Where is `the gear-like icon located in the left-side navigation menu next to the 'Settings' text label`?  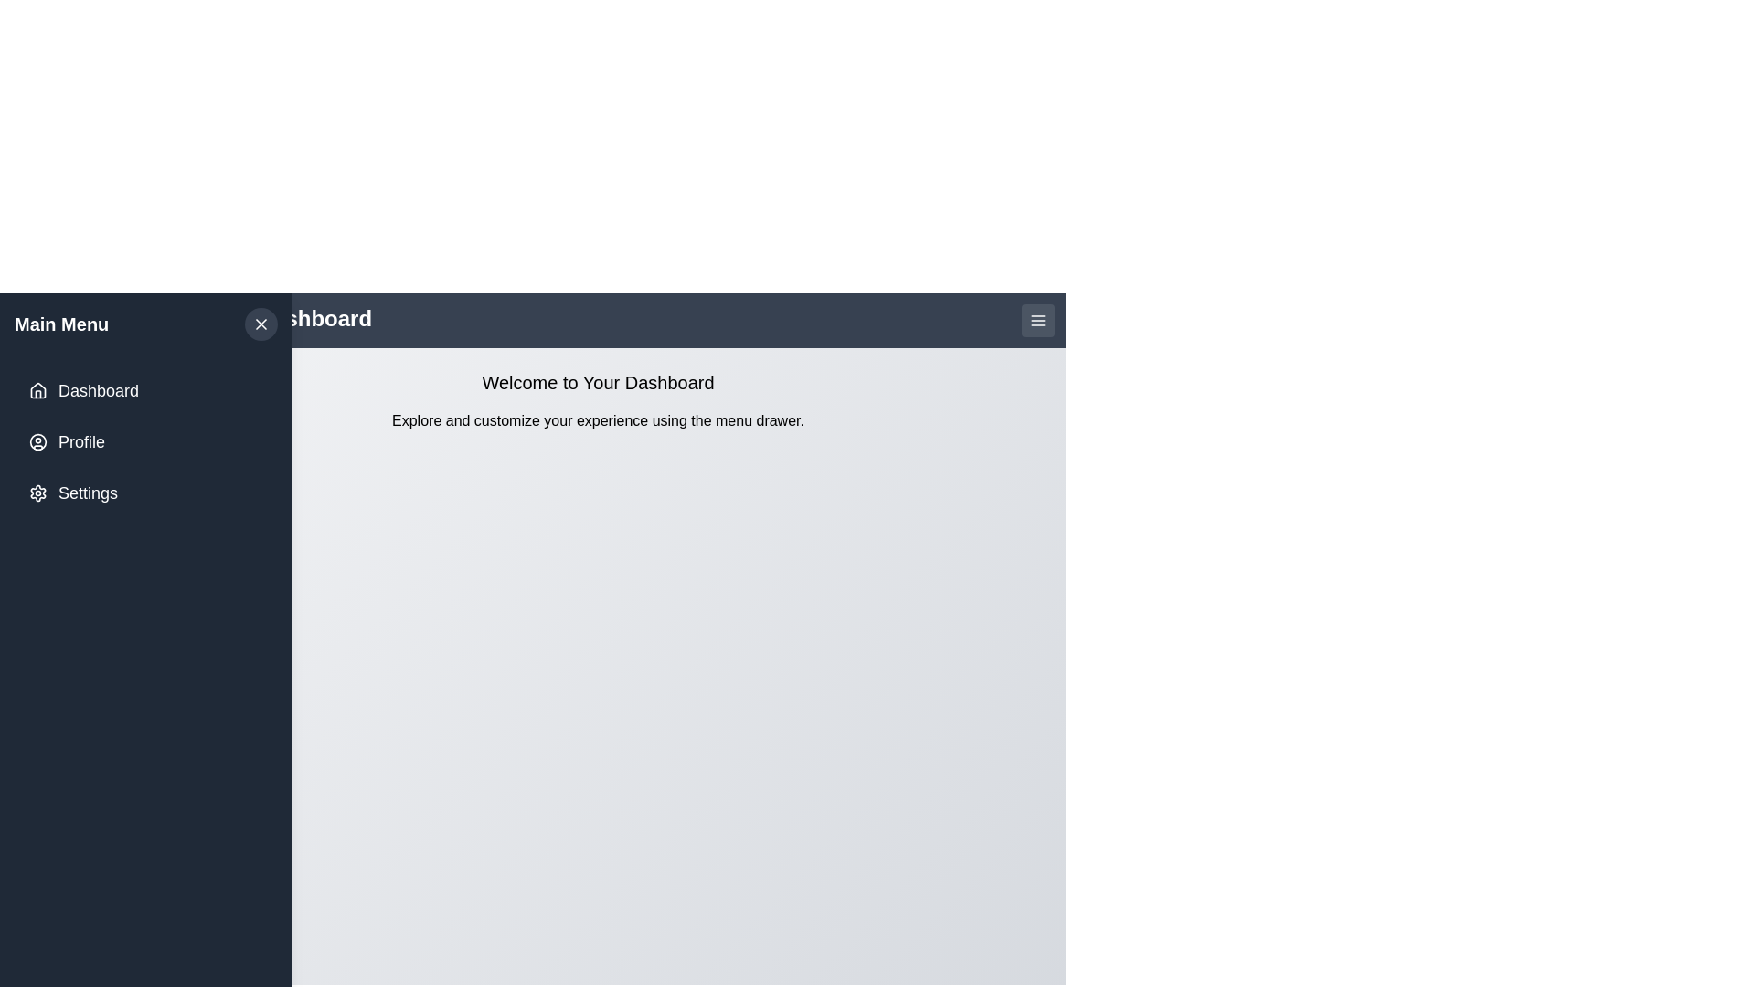 the gear-like icon located in the left-side navigation menu next to the 'Settings' text label is located at coordinates (38, 493).